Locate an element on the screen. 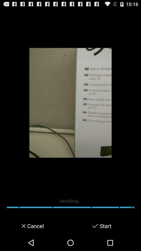 The height and width of the screenshot is (251, 141). item to the left of cancel icon is located at coordinates (22, 226).